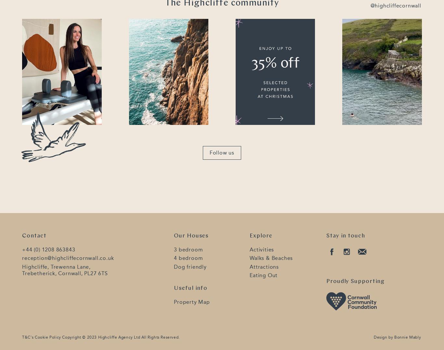 This screenshot has height=350, width=444. Describe the element at coordinates (22, 337) in the screenshot. I see `'T&C's'` at that location.